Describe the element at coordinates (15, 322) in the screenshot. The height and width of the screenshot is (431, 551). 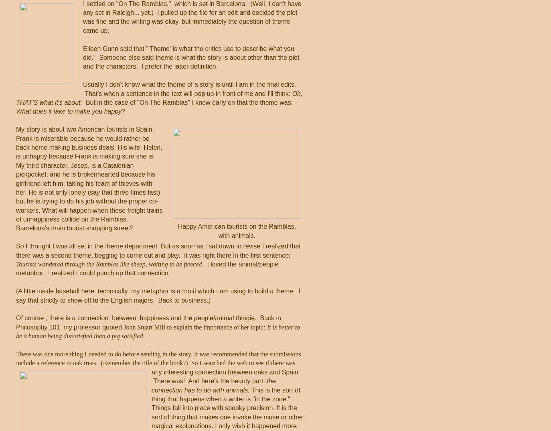
I see `'Of course ,
there is a connection  between  happiness and the
people/animal thingie.  Back in Philosophy 101  my professor
quoted'` at that location.